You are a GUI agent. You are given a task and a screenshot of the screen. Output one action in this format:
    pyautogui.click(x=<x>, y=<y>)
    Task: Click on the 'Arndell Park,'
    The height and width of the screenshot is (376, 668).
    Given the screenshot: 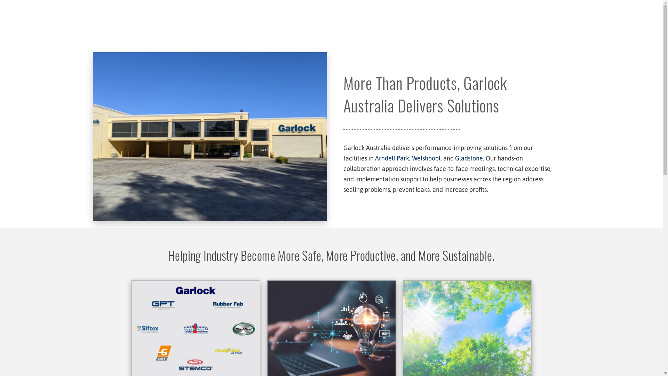 What is the action you would take?
    pyautogui.click(x=392, y=158)
    